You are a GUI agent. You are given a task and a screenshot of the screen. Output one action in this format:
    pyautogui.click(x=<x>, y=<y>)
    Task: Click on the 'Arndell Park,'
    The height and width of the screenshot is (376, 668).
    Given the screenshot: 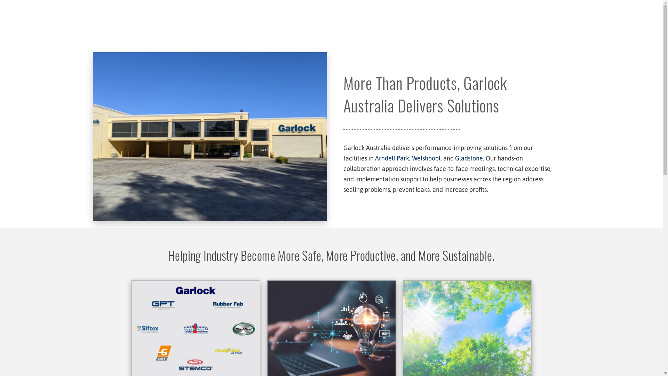 What is the action you would take?
    pyautogui.click(x=392, y=158)
    